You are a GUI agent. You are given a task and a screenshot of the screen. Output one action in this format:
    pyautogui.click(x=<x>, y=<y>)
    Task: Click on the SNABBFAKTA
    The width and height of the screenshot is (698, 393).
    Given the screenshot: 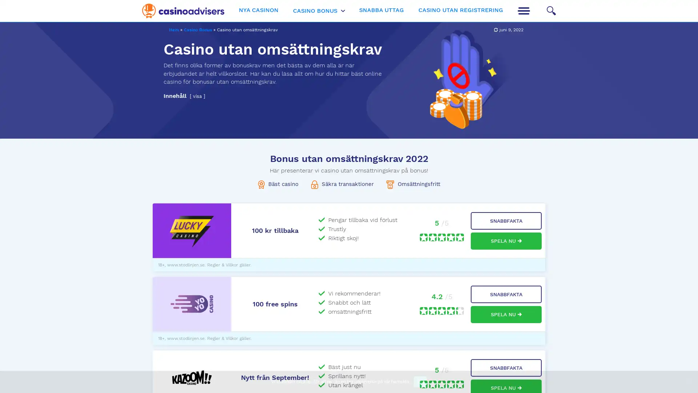 What is the action you would take?
    pyautogui.click(x=505, y=220)
    